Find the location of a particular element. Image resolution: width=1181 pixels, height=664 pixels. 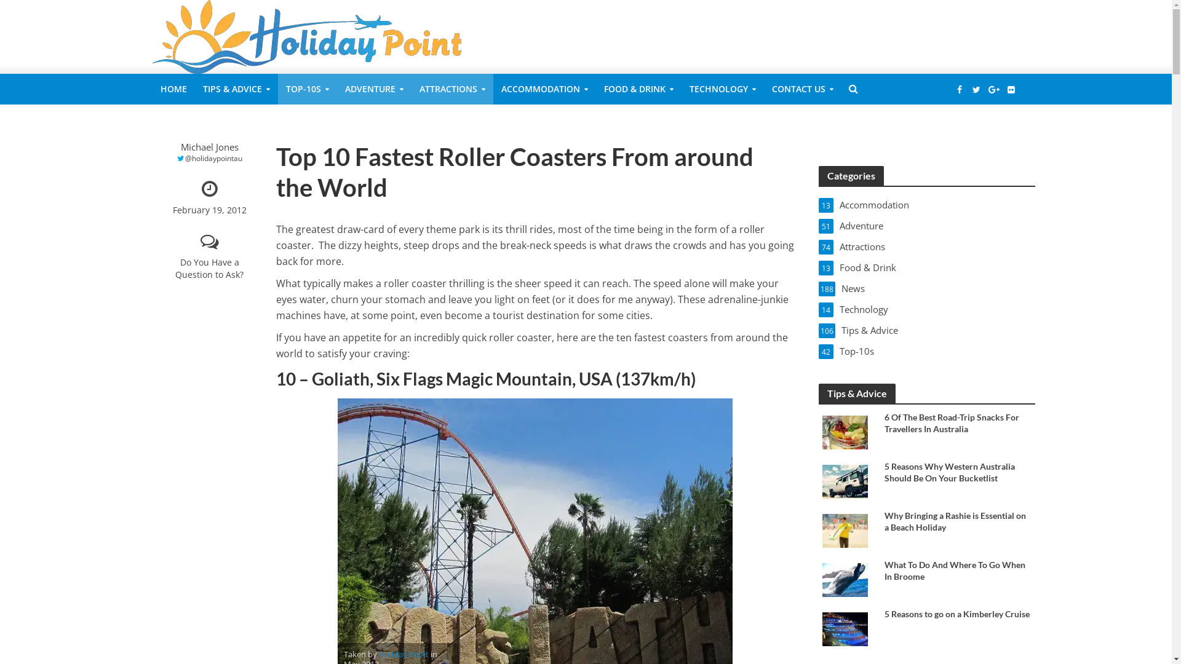

'Do You Have a Question to Ask?' is located at coordinates (209, 258).